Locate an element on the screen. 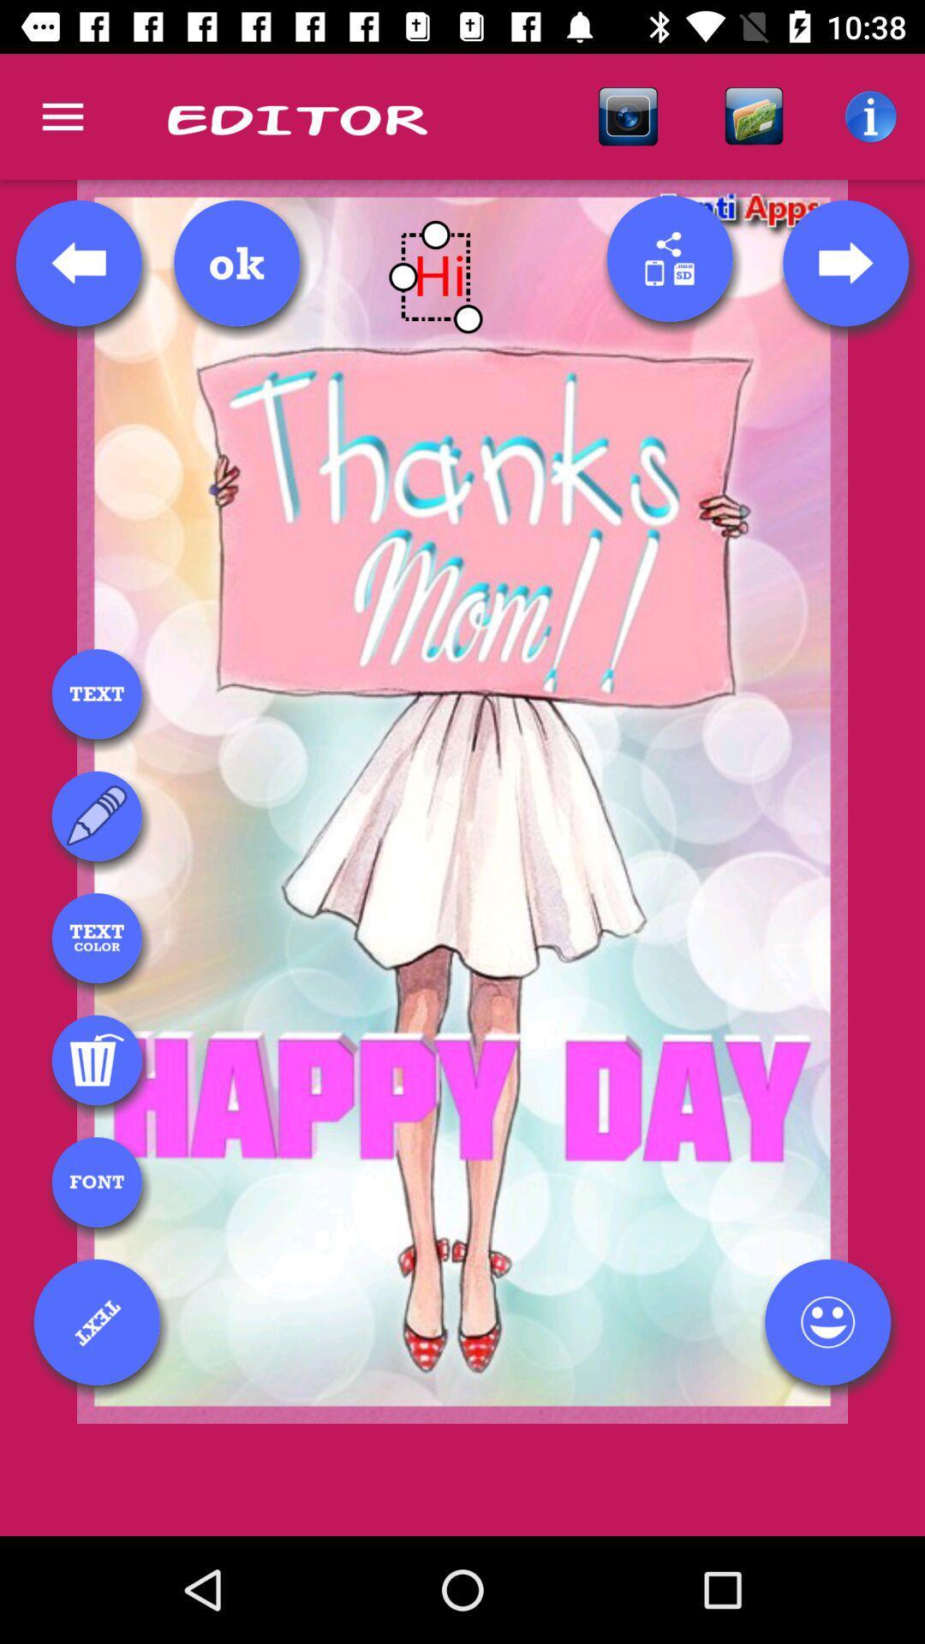  delete photo is located at coordinates (97, 1059).